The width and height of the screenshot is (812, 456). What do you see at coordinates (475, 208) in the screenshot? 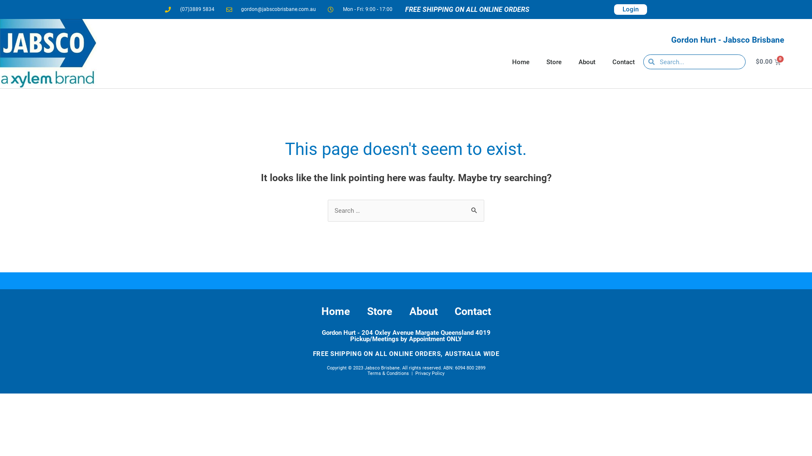
I see `'Search'` at bounding box center [475, 208].